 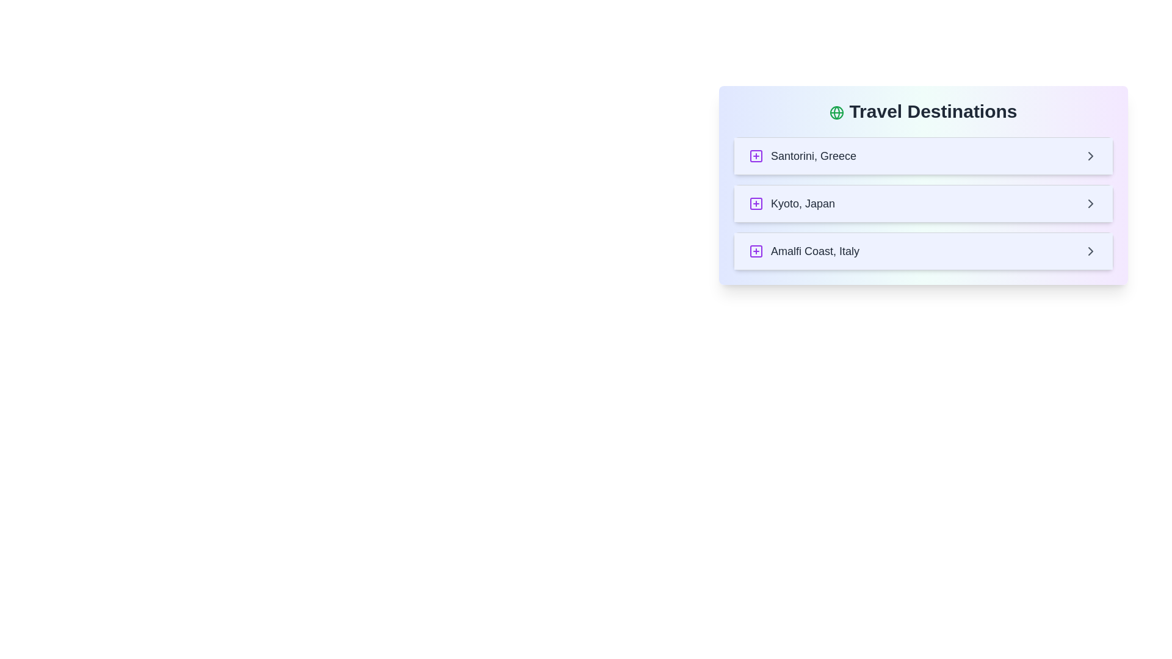 I want to click on the second list item that represents 'Kyoto, Japan', so click(x=923, y=203).